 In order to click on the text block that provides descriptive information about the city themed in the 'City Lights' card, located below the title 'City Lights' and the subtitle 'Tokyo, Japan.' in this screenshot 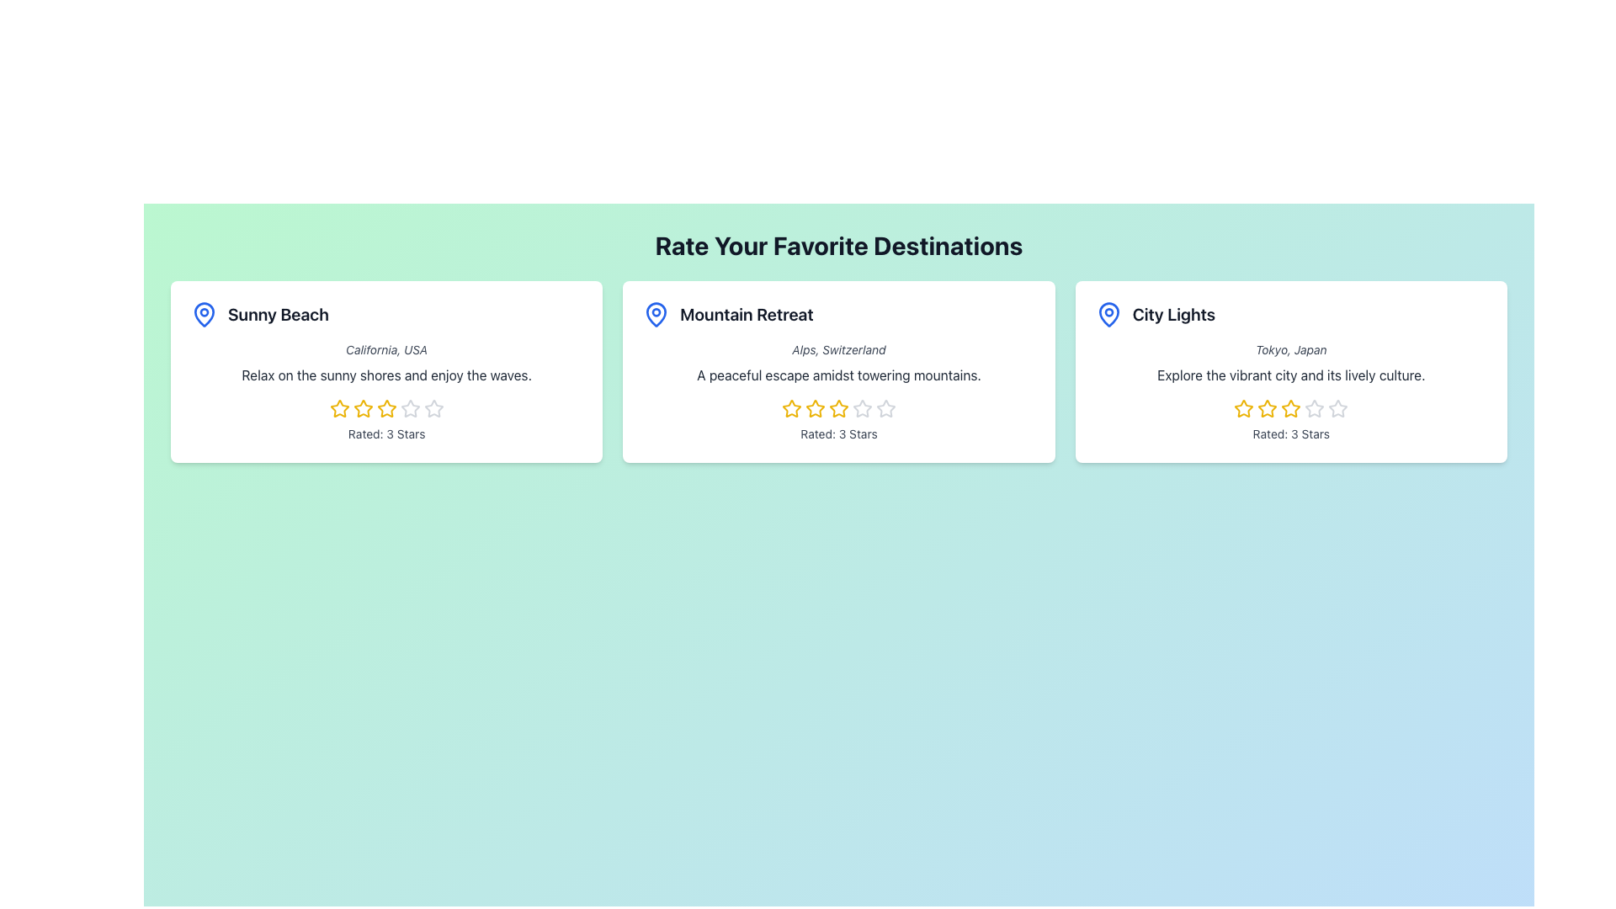, I will do `click(1290, 375)`.